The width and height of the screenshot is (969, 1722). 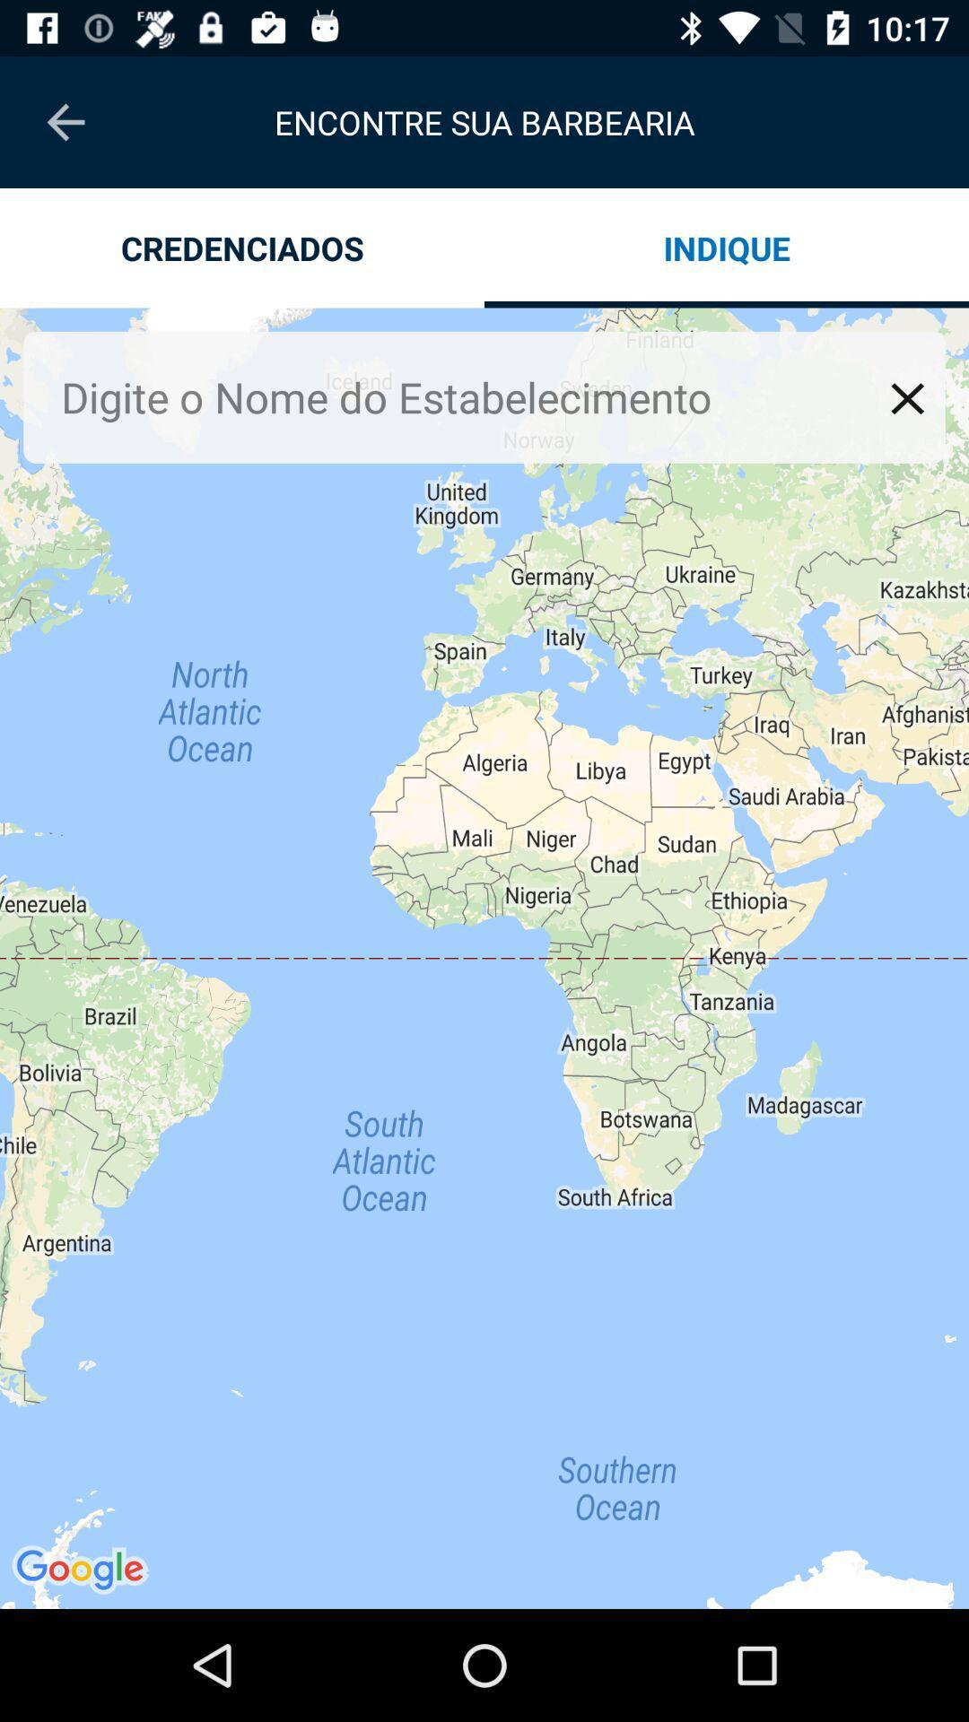 I want to click on item next to indique app, so click(x=242, y=247).